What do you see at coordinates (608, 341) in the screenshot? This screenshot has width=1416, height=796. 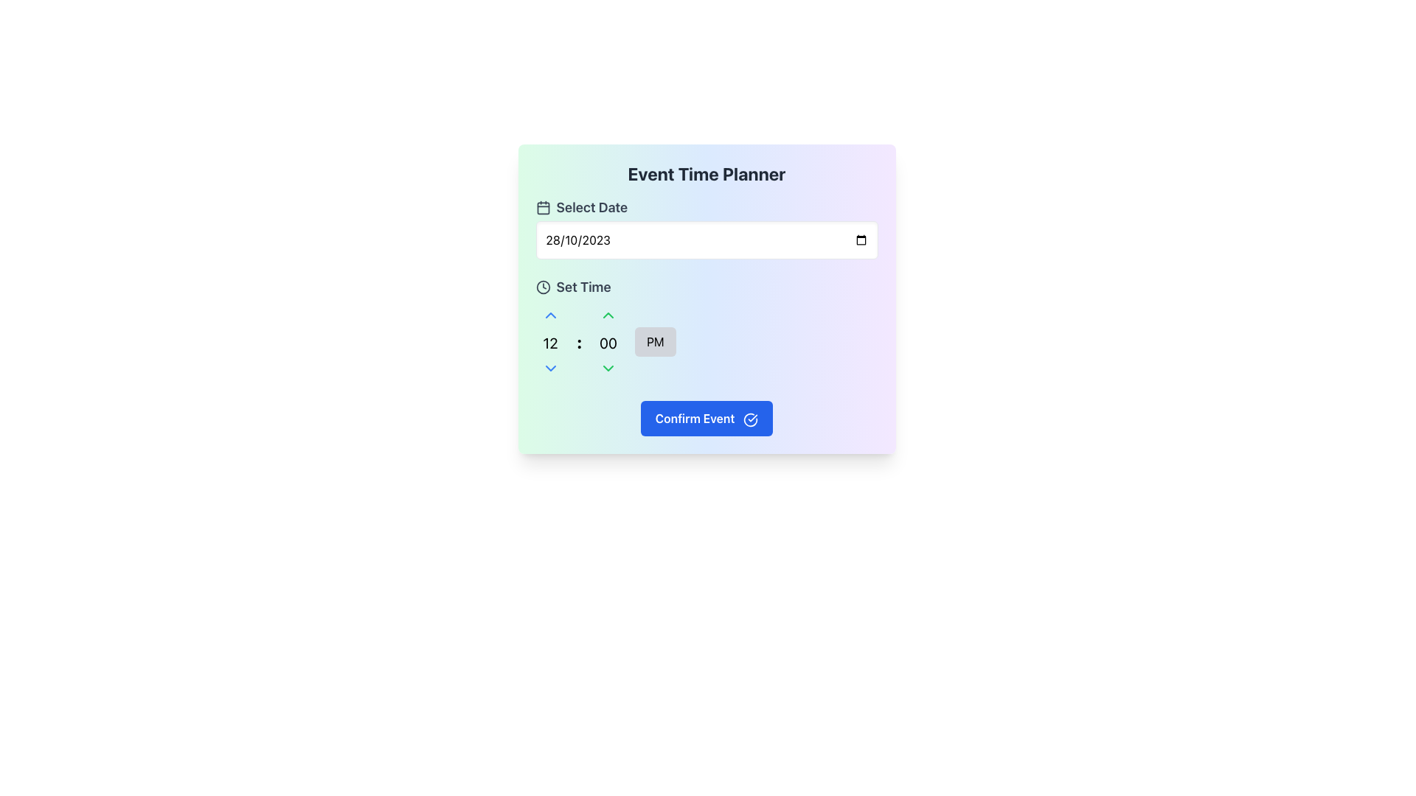 I see `the text display element showing the value '00', which is styled in a large font and located between the hour ('12') and period ('PM') indicators in the time-selection interface` at bounding box center [608, 341].